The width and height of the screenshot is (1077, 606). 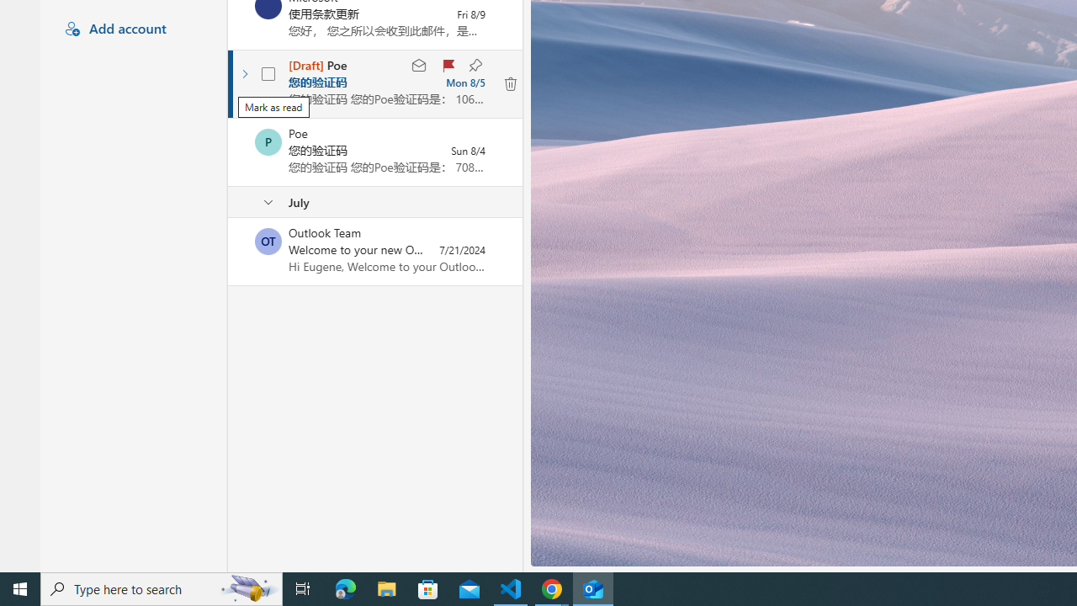 What do you see at coordinates (269, 72) in the screenshot?
I see `'AutomationID: checkbox-205'` at bounding box center [269, 72].